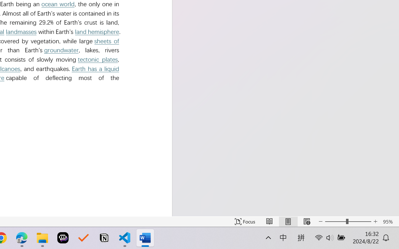  Describe the element at coordinates (97, 31) in the screenshot. I see `'land hemisphere'` at that location.